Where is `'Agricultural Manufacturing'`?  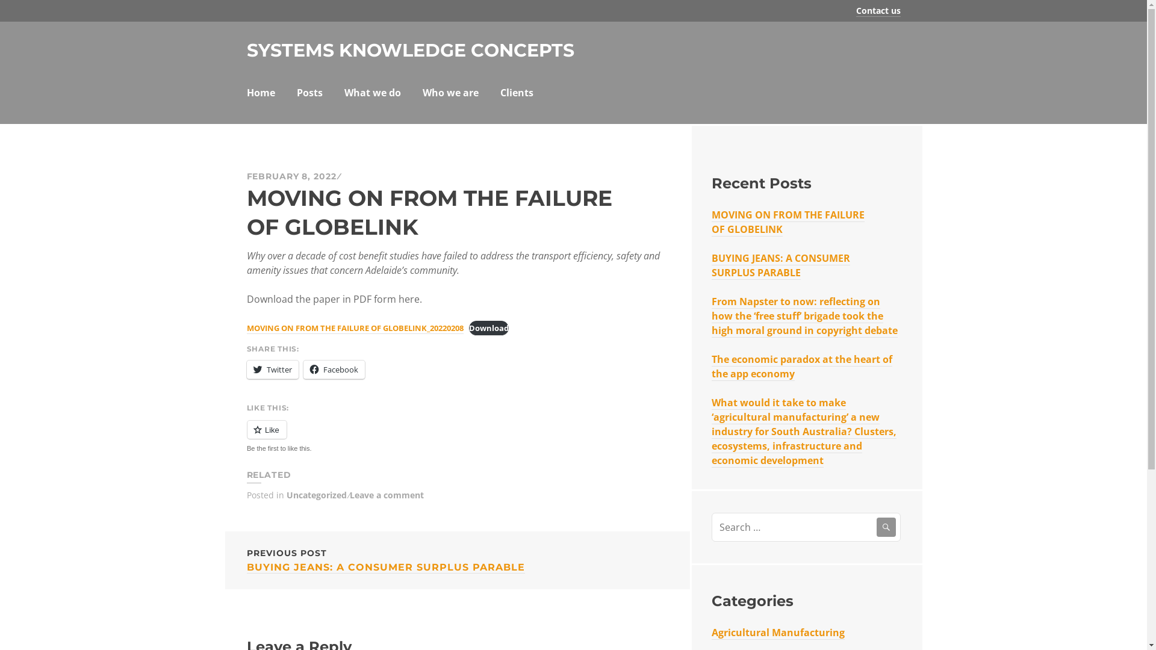
'Agricultural Manufacturing' is located at coordinates (711, 632).